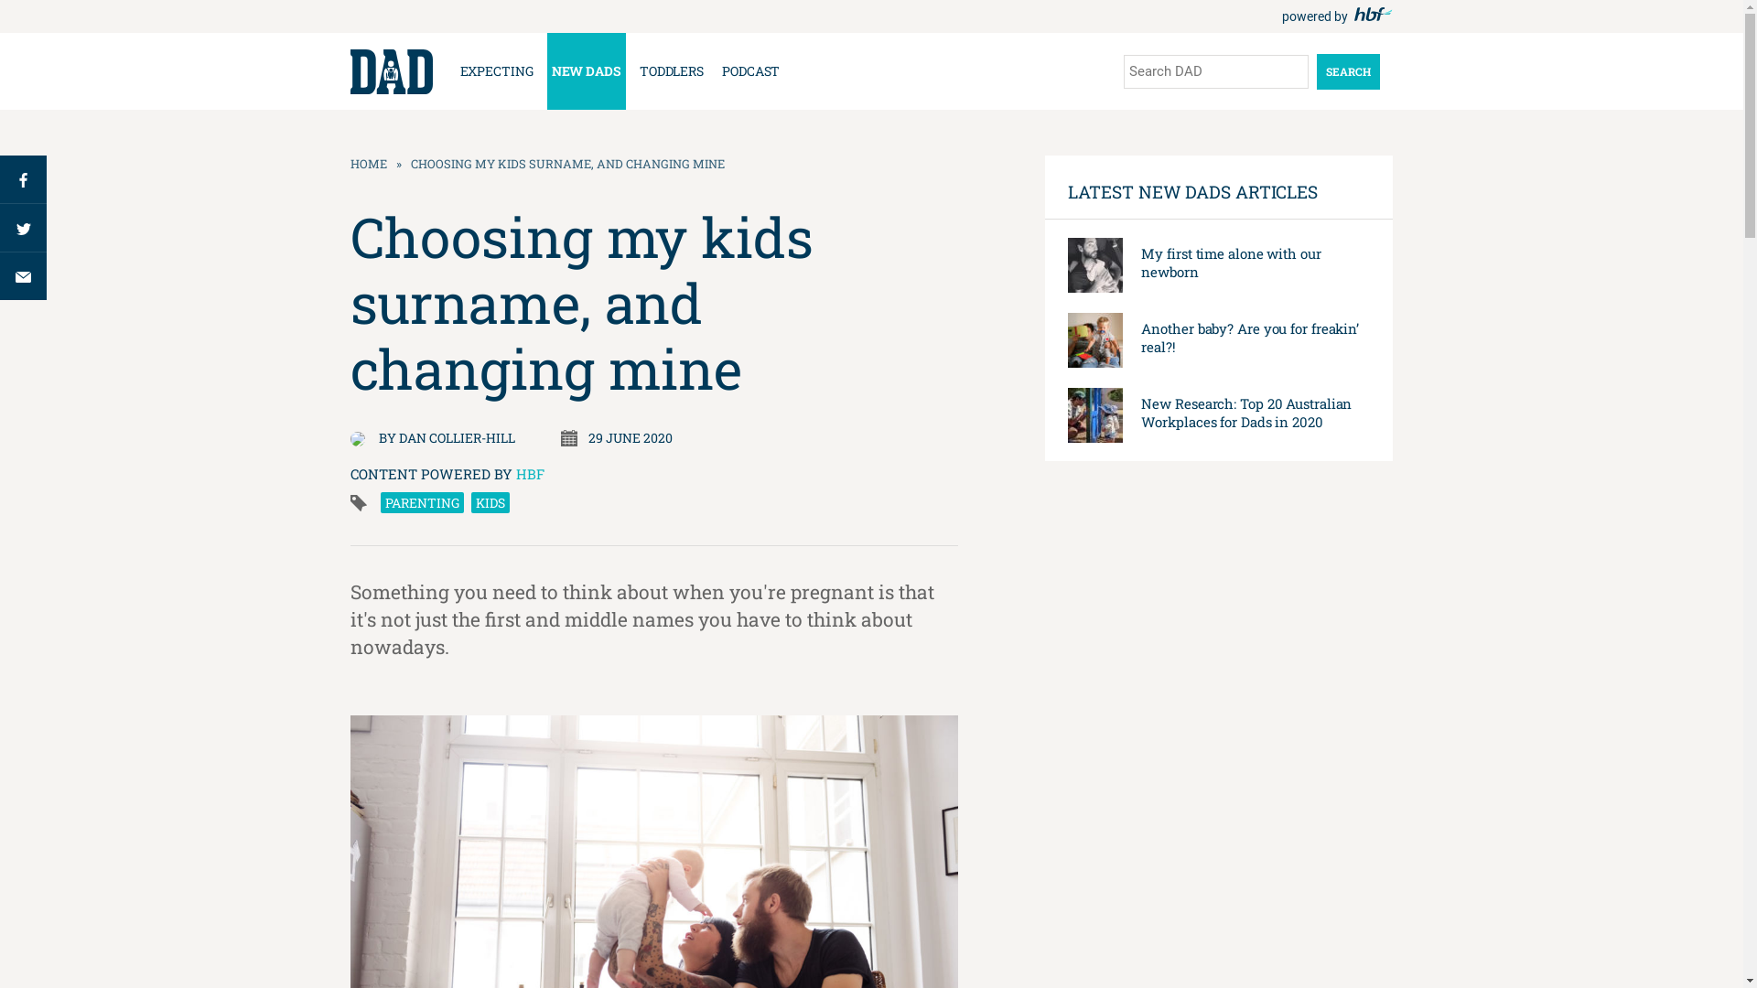 This screenshot has height=988, width=1757. Describe the element at coordinates (350, 70) in the screenshot. I see `'Direct Advice for Dads'` at that location.